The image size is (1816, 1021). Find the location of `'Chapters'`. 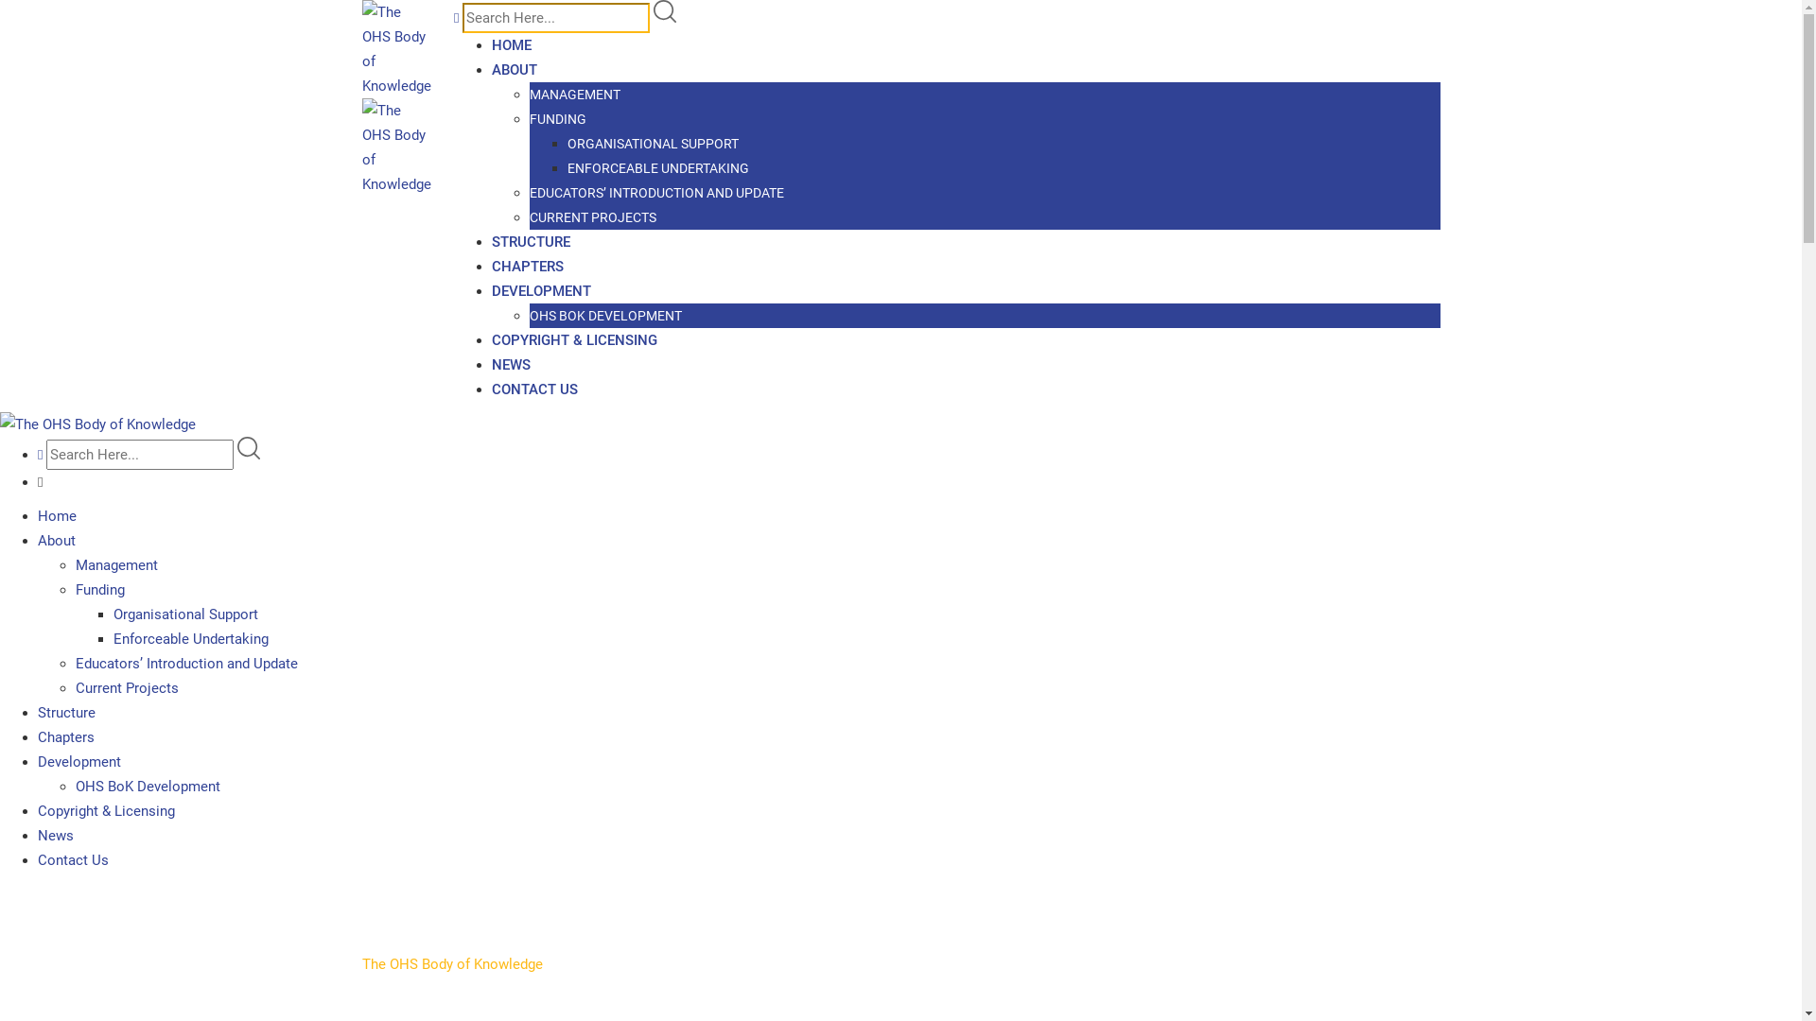

'Chapters' is located at coordinates (66, 735).